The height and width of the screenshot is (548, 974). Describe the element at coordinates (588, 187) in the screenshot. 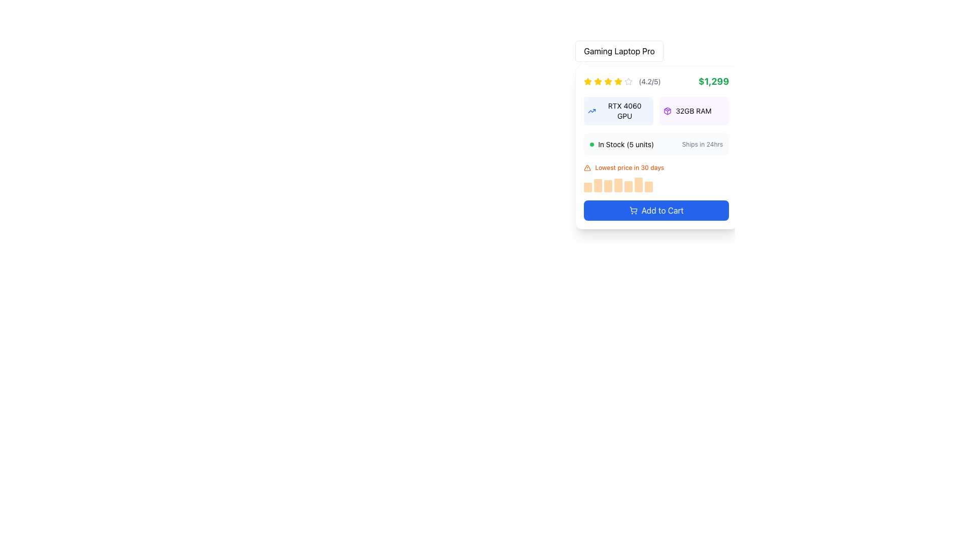

I see `the first orange Graph bar located below the 'Lowest price in 30 days' text, which is the first element in a series of seven similar bars` at that location.